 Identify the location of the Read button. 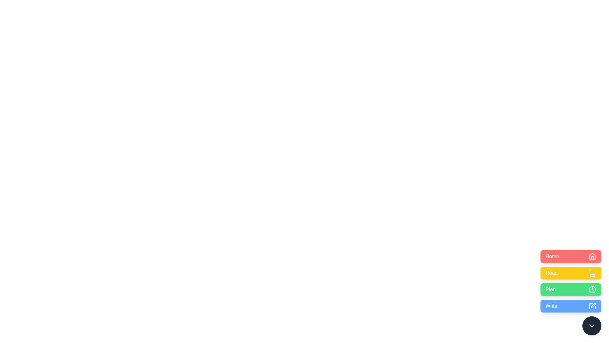
(571, 273).